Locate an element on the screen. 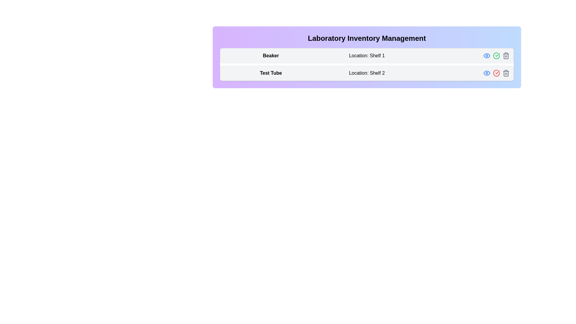  eye icon to view details of the inventory item Test Tube is located at coordinates (487, 73).